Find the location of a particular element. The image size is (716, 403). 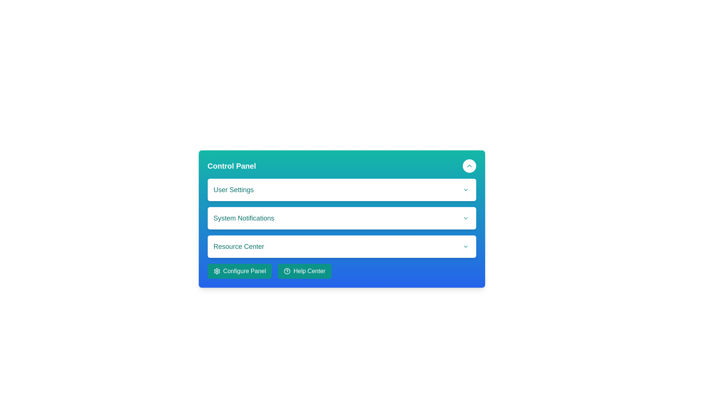

the chevron or dropdown arrow at the rightmost end of the 'Resource Center' interactive row is located at coordinates (465, 246).